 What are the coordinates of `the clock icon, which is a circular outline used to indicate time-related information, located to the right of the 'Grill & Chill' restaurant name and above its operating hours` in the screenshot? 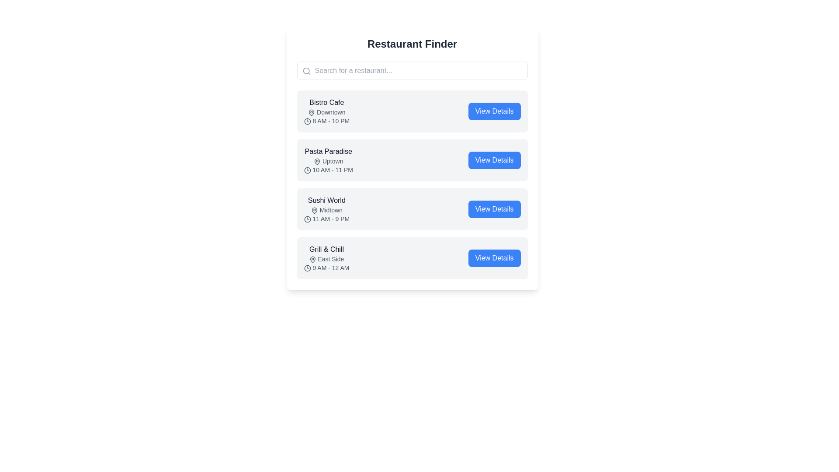 It's located at (307, 268).